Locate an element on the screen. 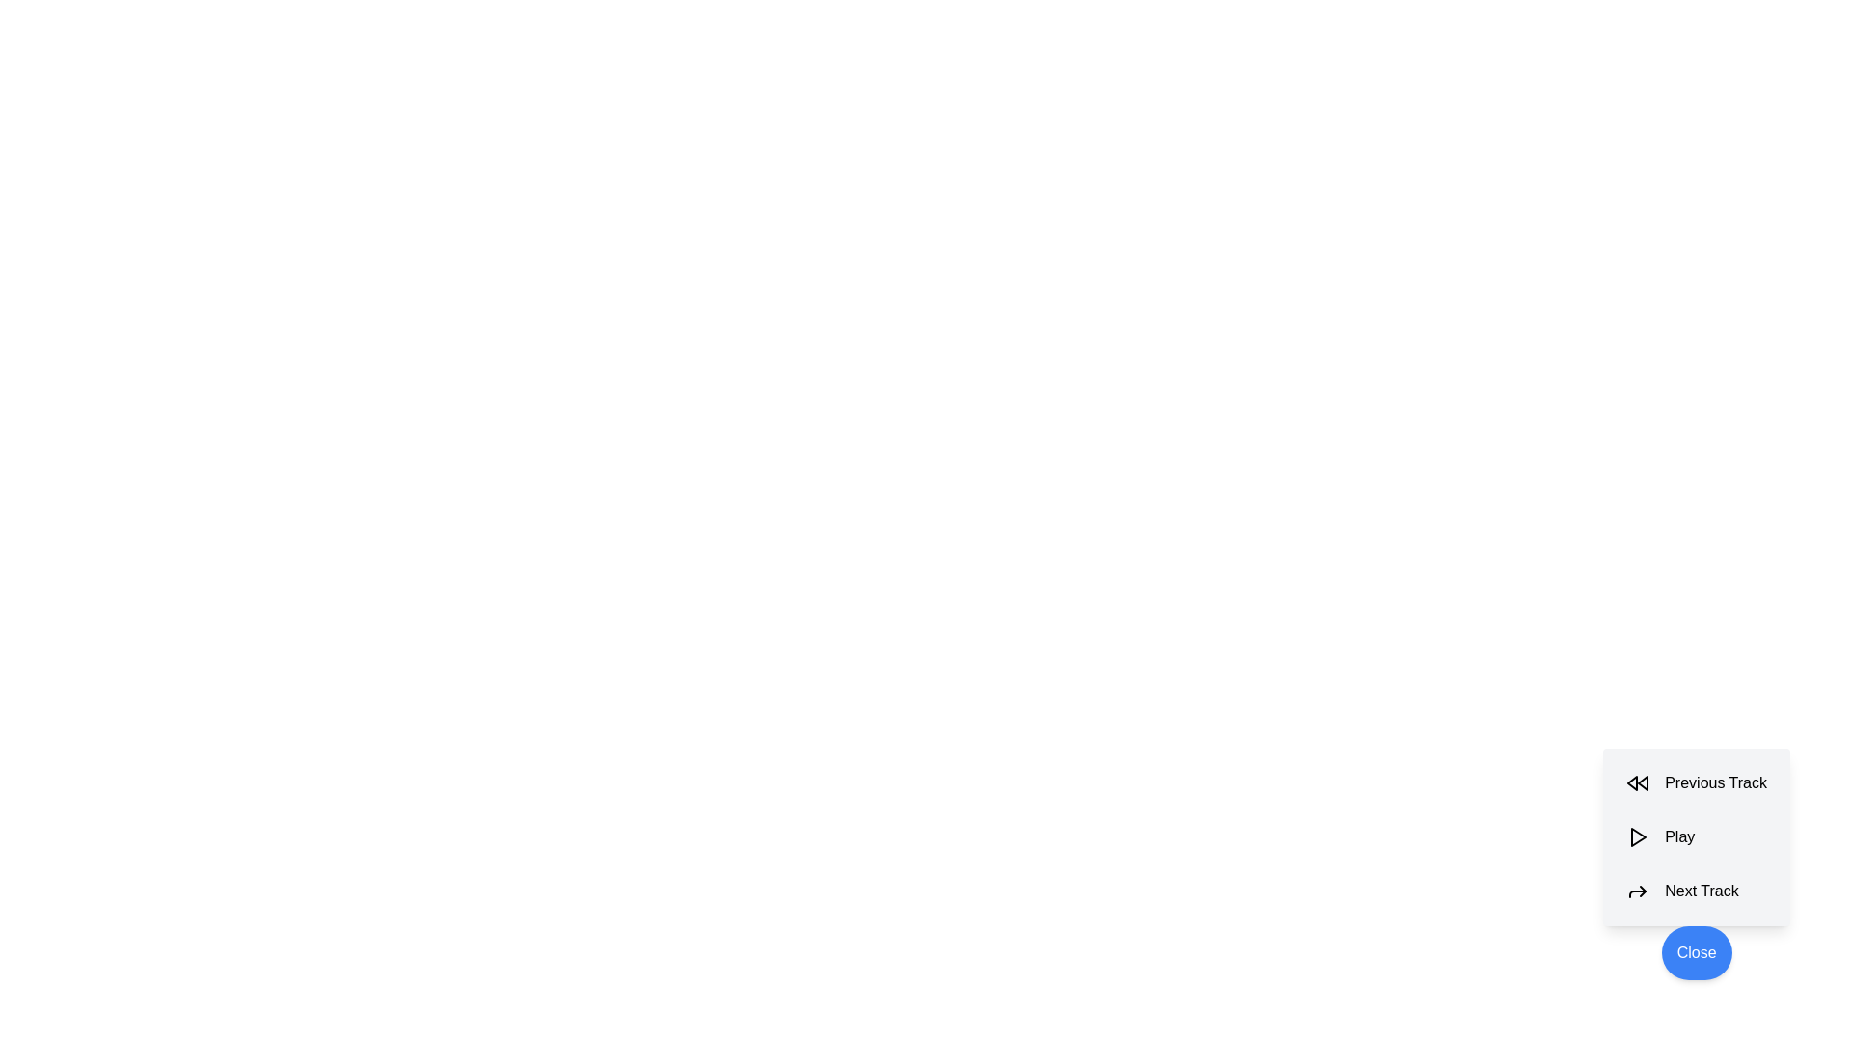 This screenshot has width=1852, height=1042. the left triangular part of the rewind icon representing the previous track feature, located near the top-left corner of the 'Previous Track' button is located at coordinates (1631, 783).